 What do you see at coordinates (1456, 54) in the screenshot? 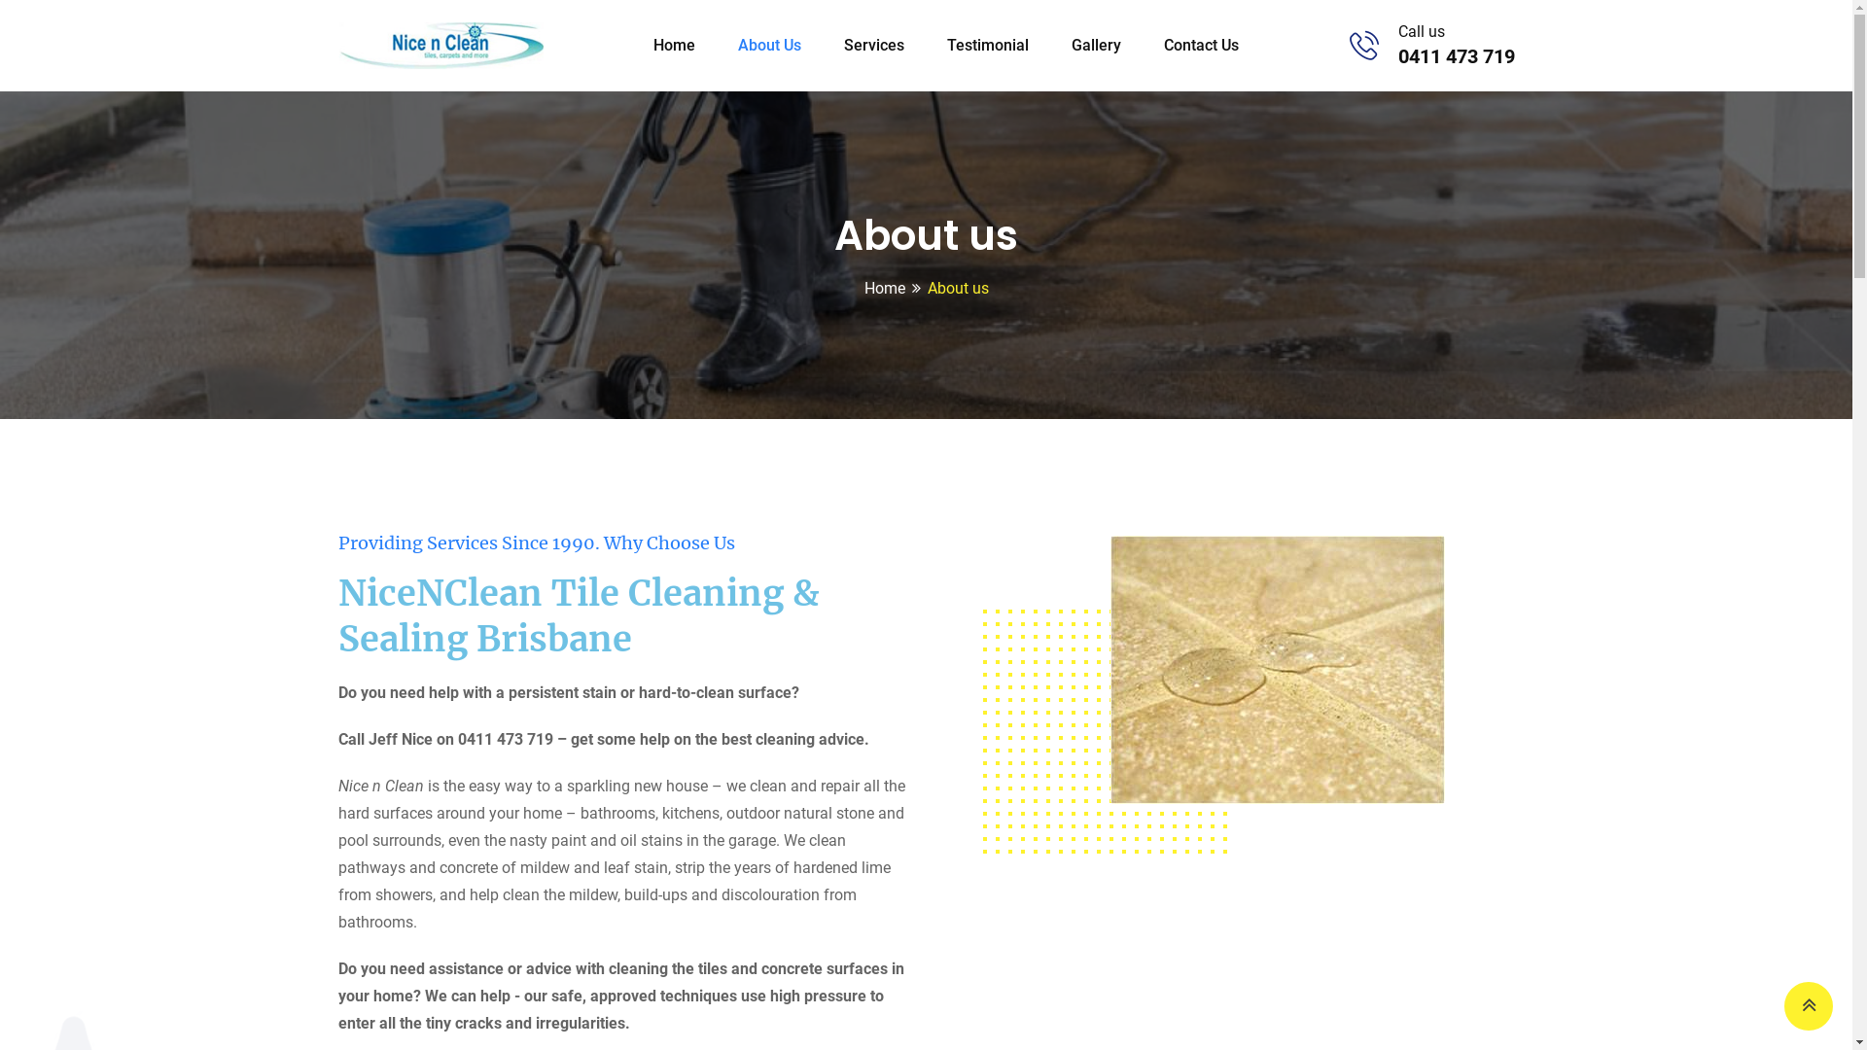
I see `'0411 473 719'` at bounding box center [1456, 54].